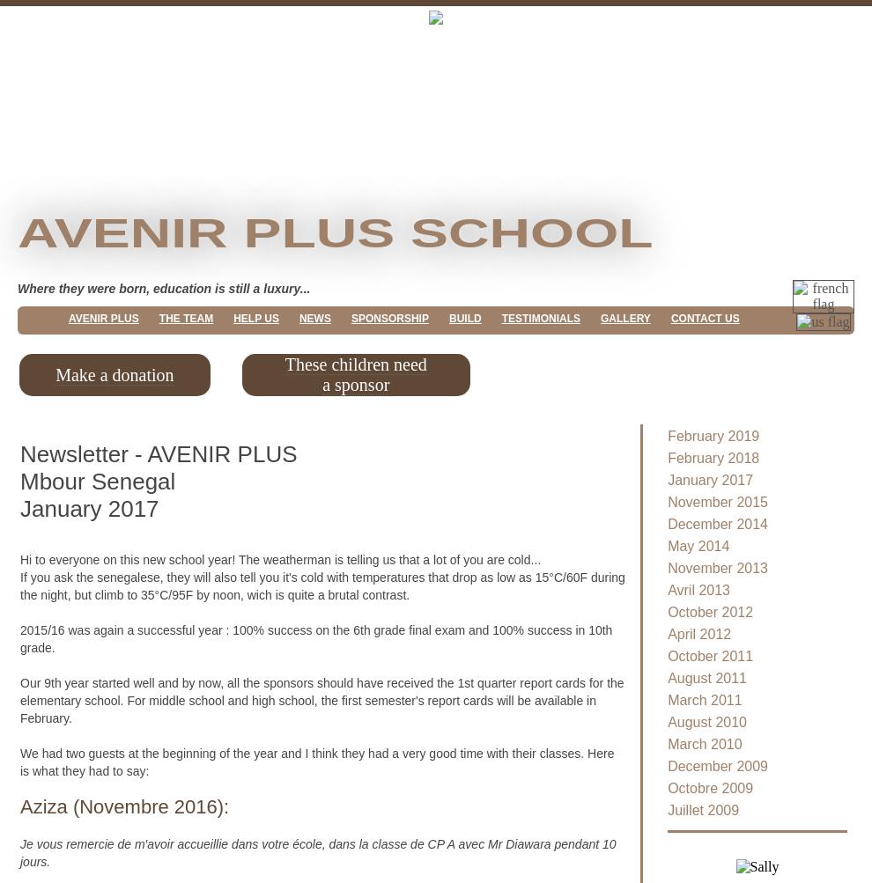  What do you see at coordinates (704, 699) in the screenshot?
I see `'March 2011'` at bounding box center [704, 699].